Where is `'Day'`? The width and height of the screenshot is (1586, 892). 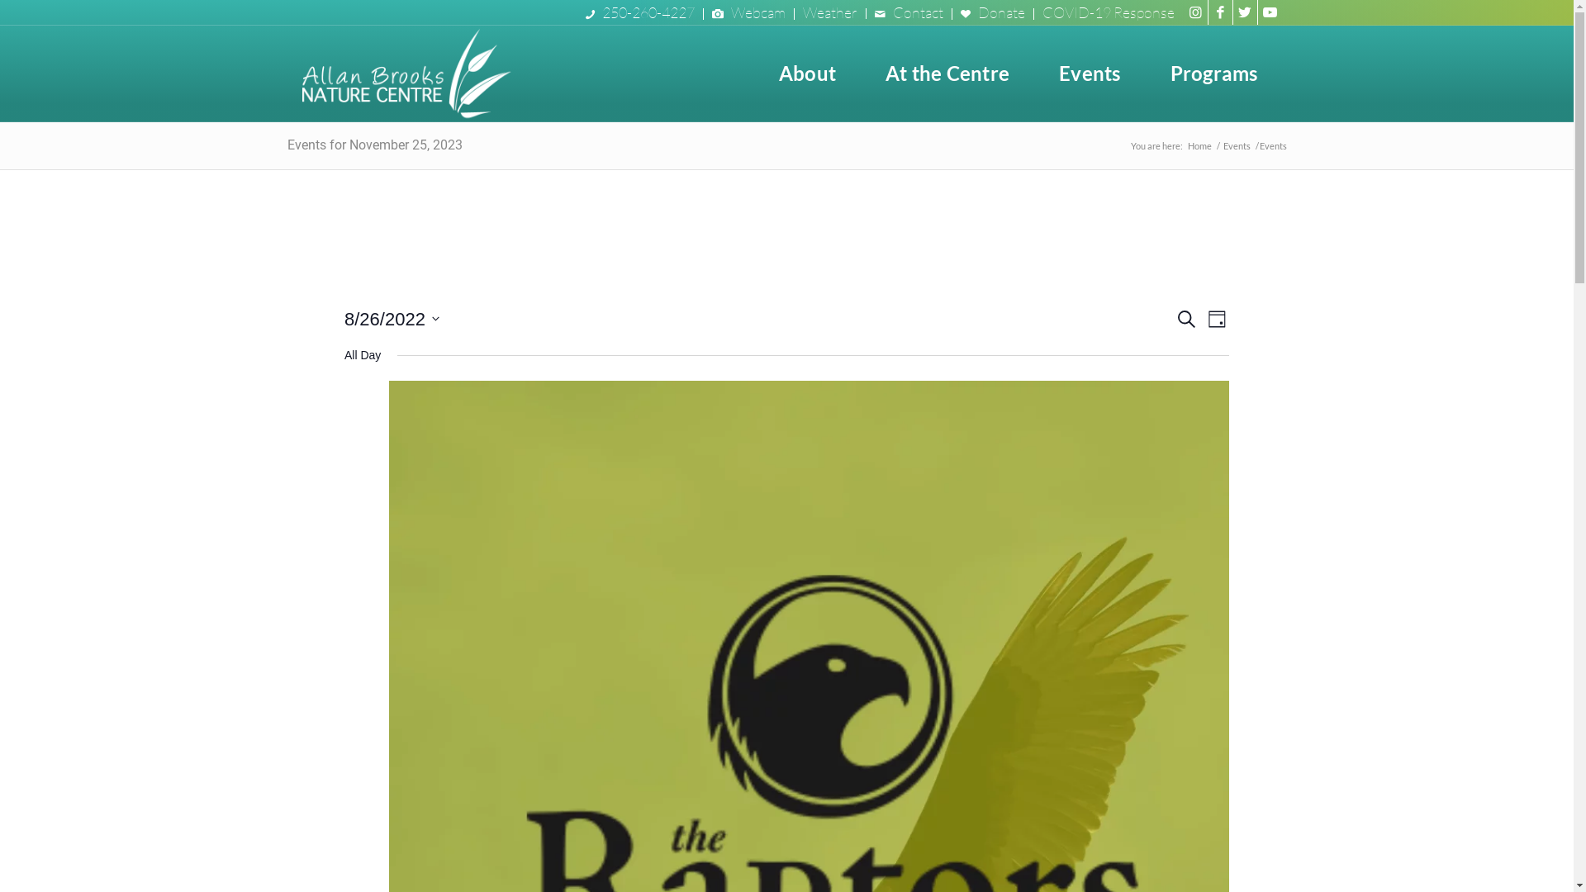 'Day' is located at coordinates (1217, 319).